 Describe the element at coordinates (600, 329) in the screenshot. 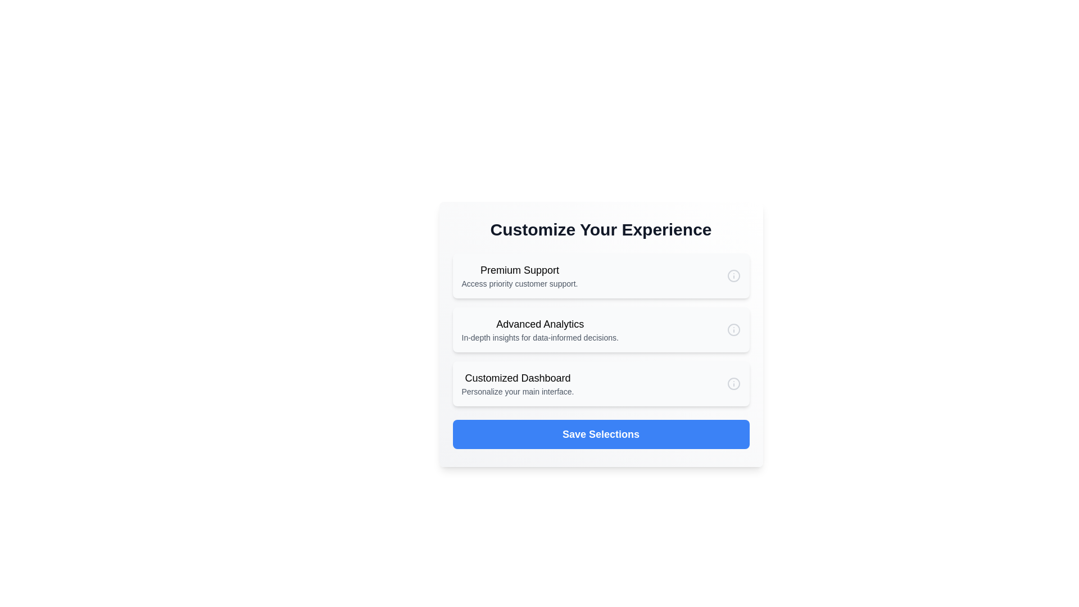

I see `the feature Advanced Analytics` at that location.